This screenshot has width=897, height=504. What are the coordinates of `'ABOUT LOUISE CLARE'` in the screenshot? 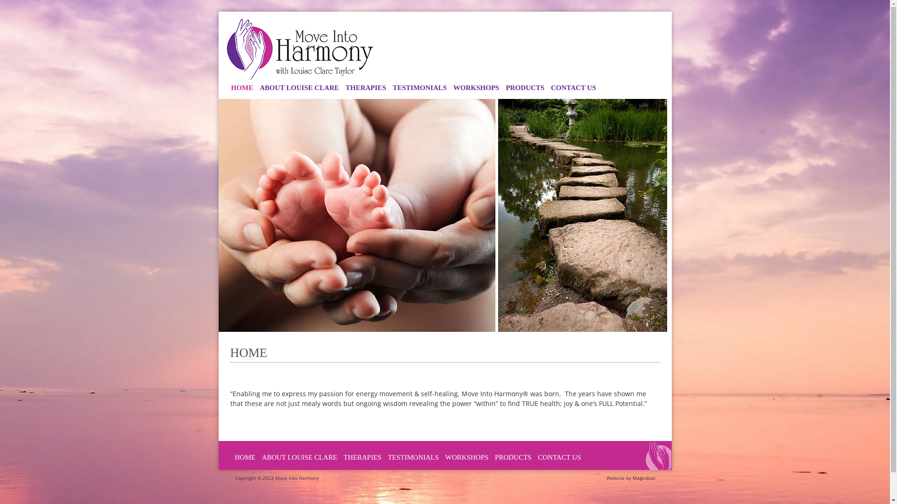 It's located at (262, 456).